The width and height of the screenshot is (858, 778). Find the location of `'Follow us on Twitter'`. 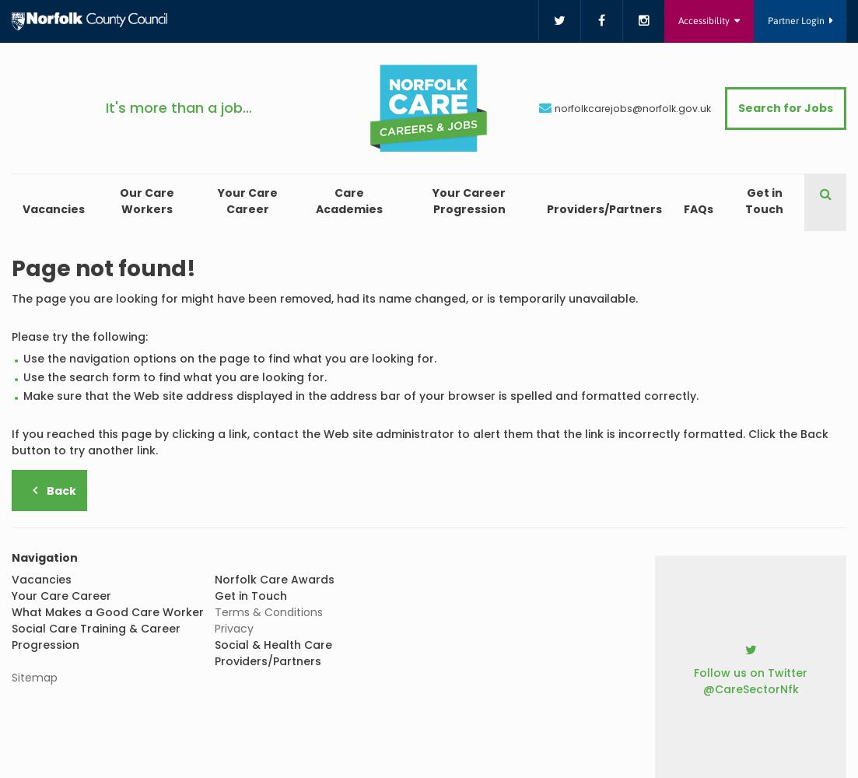

'Follow us on Twitter' is located at coordinates (751, 672).